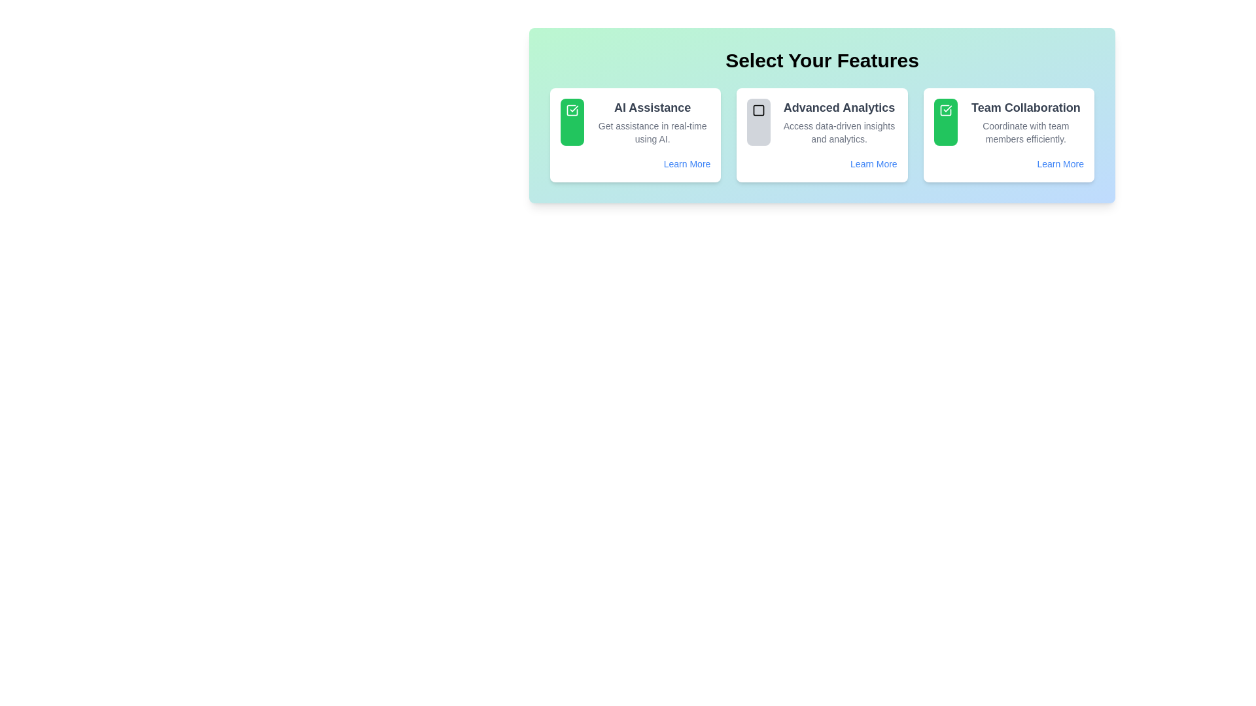 Image resolution: width=1256 pixels, height=706 pixels. Describe the element at coordinates (759, 110) in the screenshot. I see `the decorative or status-related icon located in the center of the 'Advanced Analytics' card, which is surrounded by 'AI Assistance' and 'Team Collaboration' cards` at that location.